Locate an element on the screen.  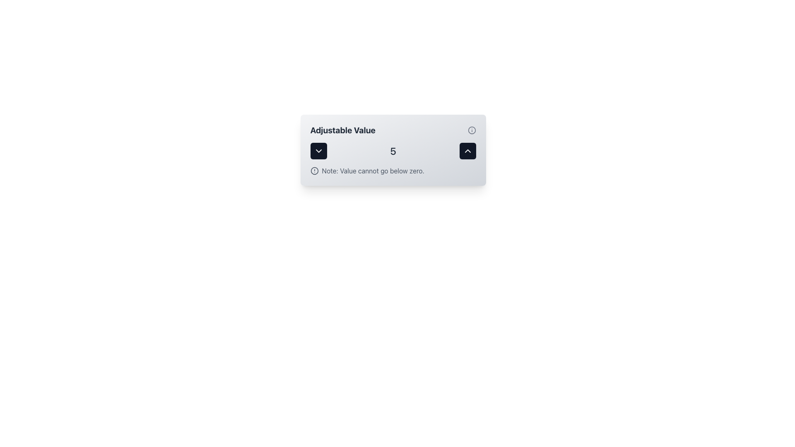
the visual alert indicator icon located to the left of the text 'Note: Value cannot go below zero.' in the note panel is located at coordinates (314, 170).